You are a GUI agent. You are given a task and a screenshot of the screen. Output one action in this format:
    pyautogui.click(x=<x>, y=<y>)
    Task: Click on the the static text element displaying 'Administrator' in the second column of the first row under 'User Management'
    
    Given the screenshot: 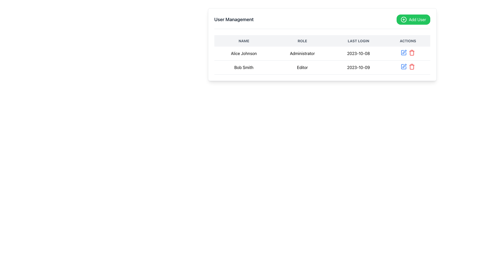 What is the action you would take?
    pyautogui.click(x=302, y=53)
    